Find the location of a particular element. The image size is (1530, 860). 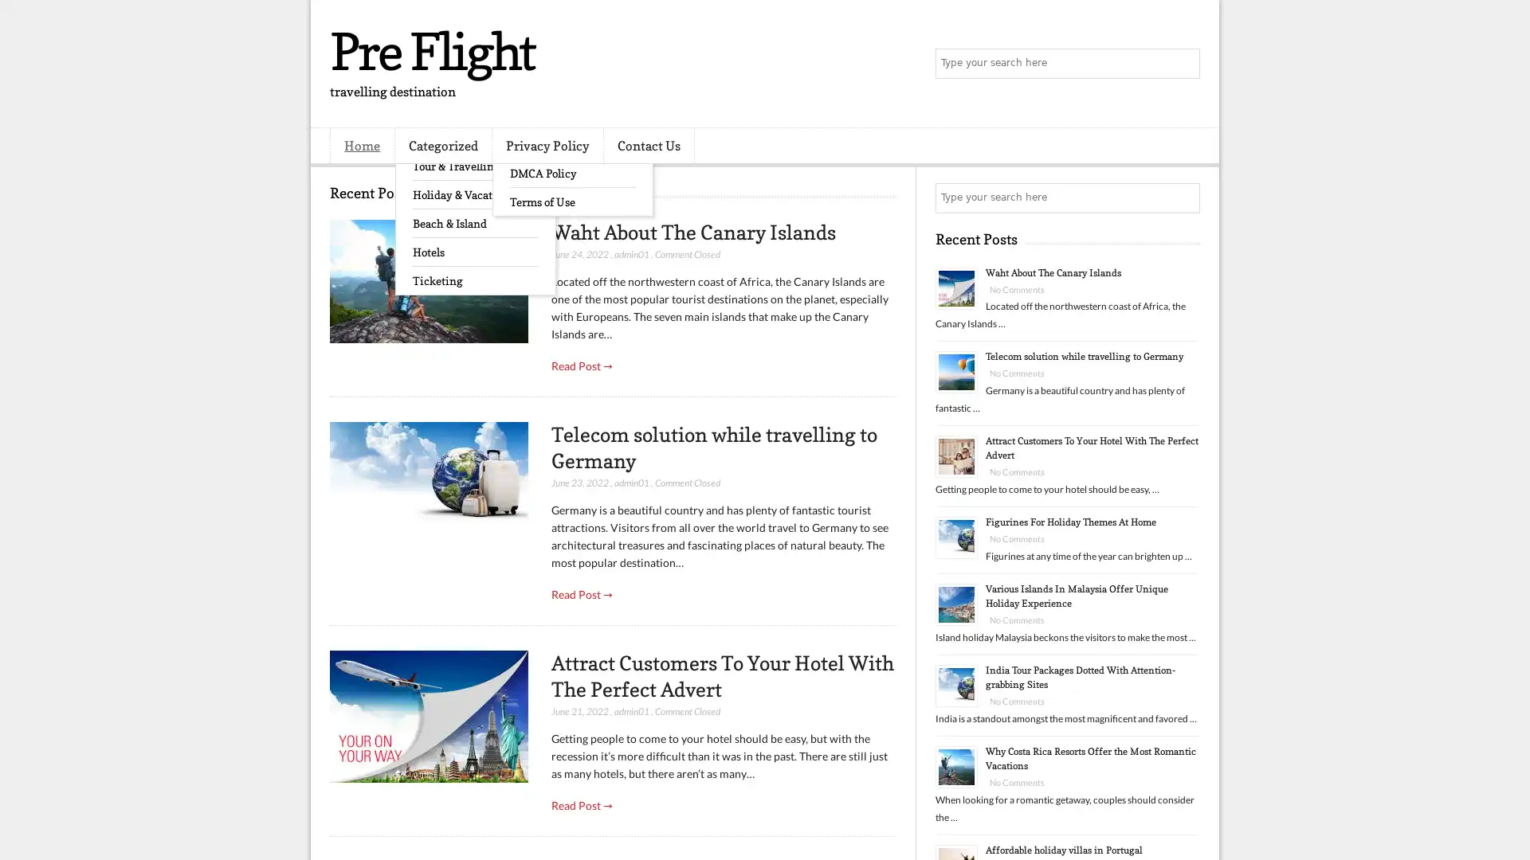

Search is located at coordinates (1183, 64).